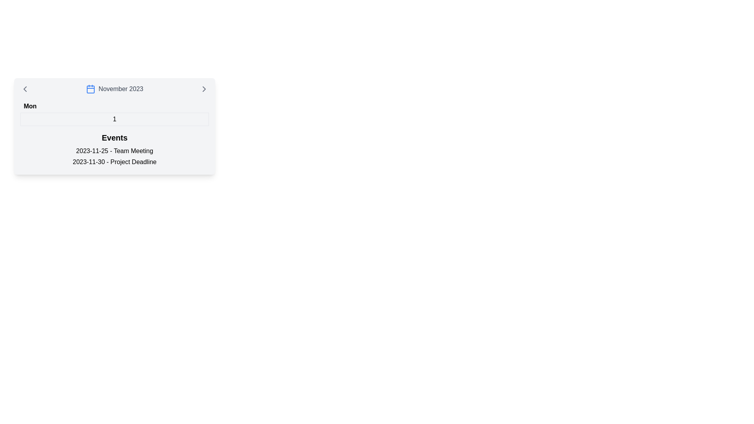  What do you see at coordinates (114, 89) in the screenshot?
I see `or read the content of the Label with Icon indicating the currently displayed month and year, located at the center of the top section of the card layout` at bounding box center [114, 89].